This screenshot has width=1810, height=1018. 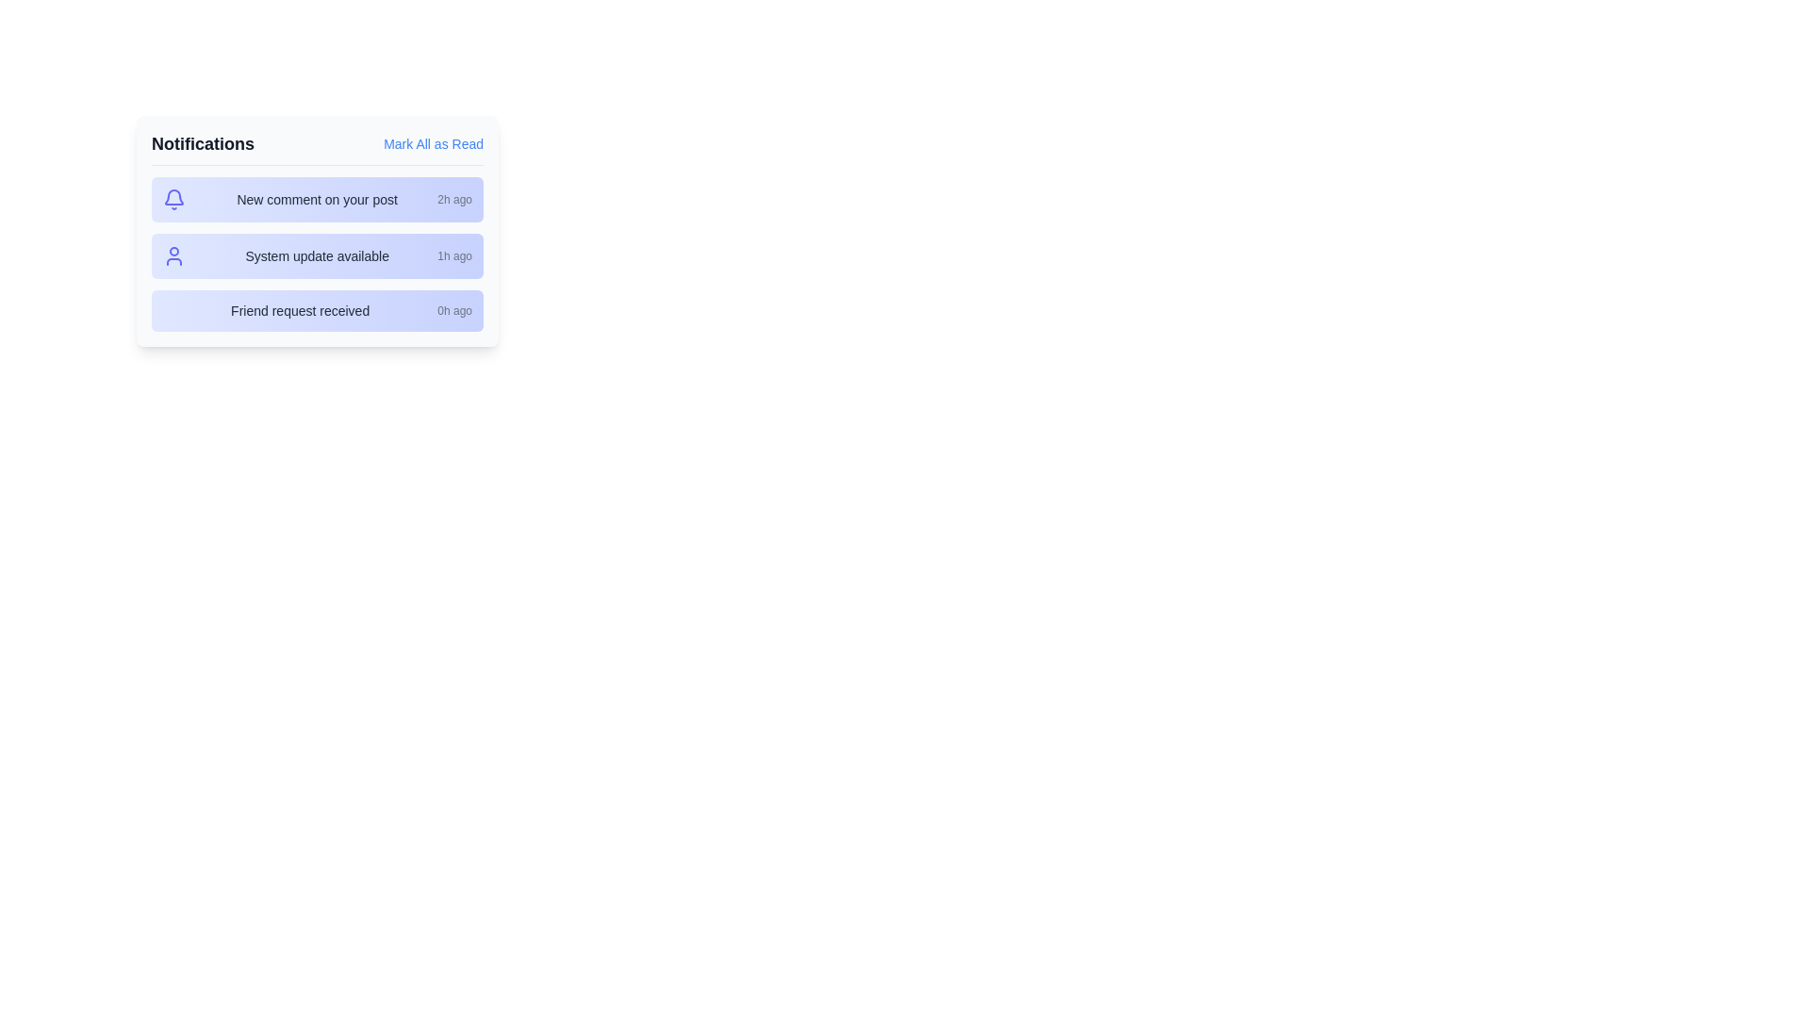 I want to click on the Notification banner that displays a recent friend request, so click(x=317, y=310).